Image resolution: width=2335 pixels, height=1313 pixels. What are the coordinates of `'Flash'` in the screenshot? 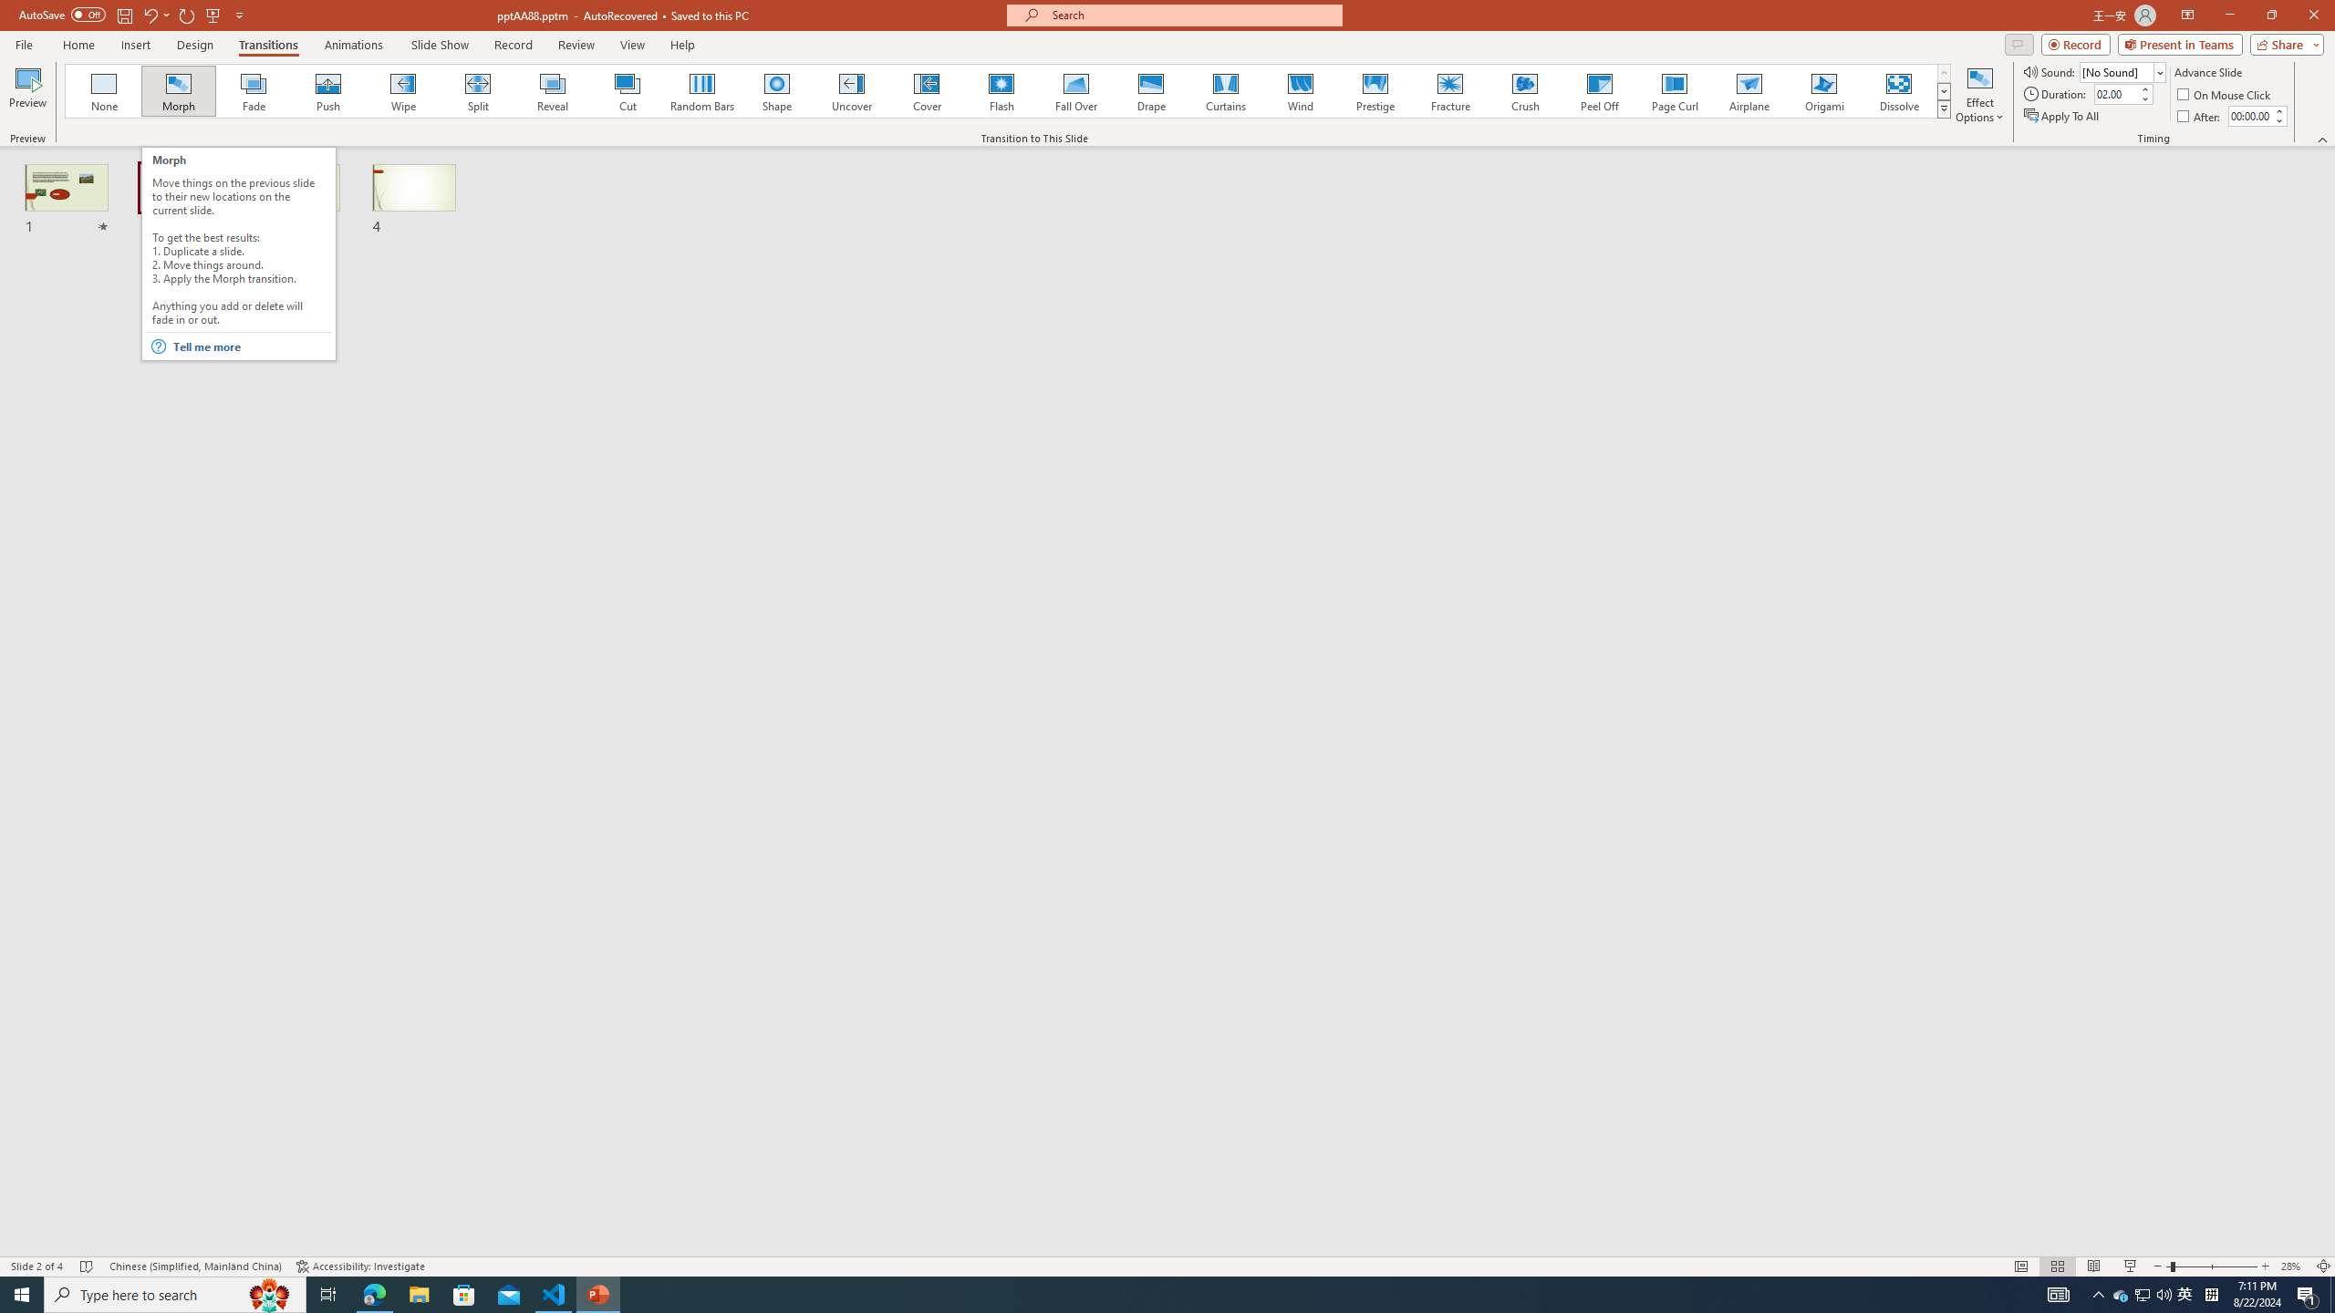 It's located at (1001, 90).